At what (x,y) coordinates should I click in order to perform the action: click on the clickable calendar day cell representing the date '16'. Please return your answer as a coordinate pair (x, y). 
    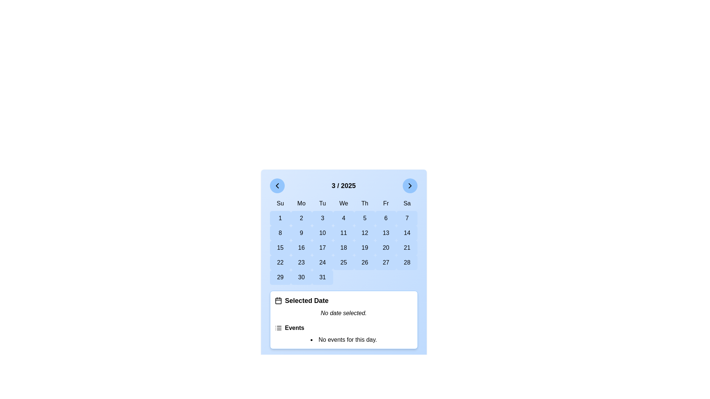
    Looking at the image, I should click on (301, 248).